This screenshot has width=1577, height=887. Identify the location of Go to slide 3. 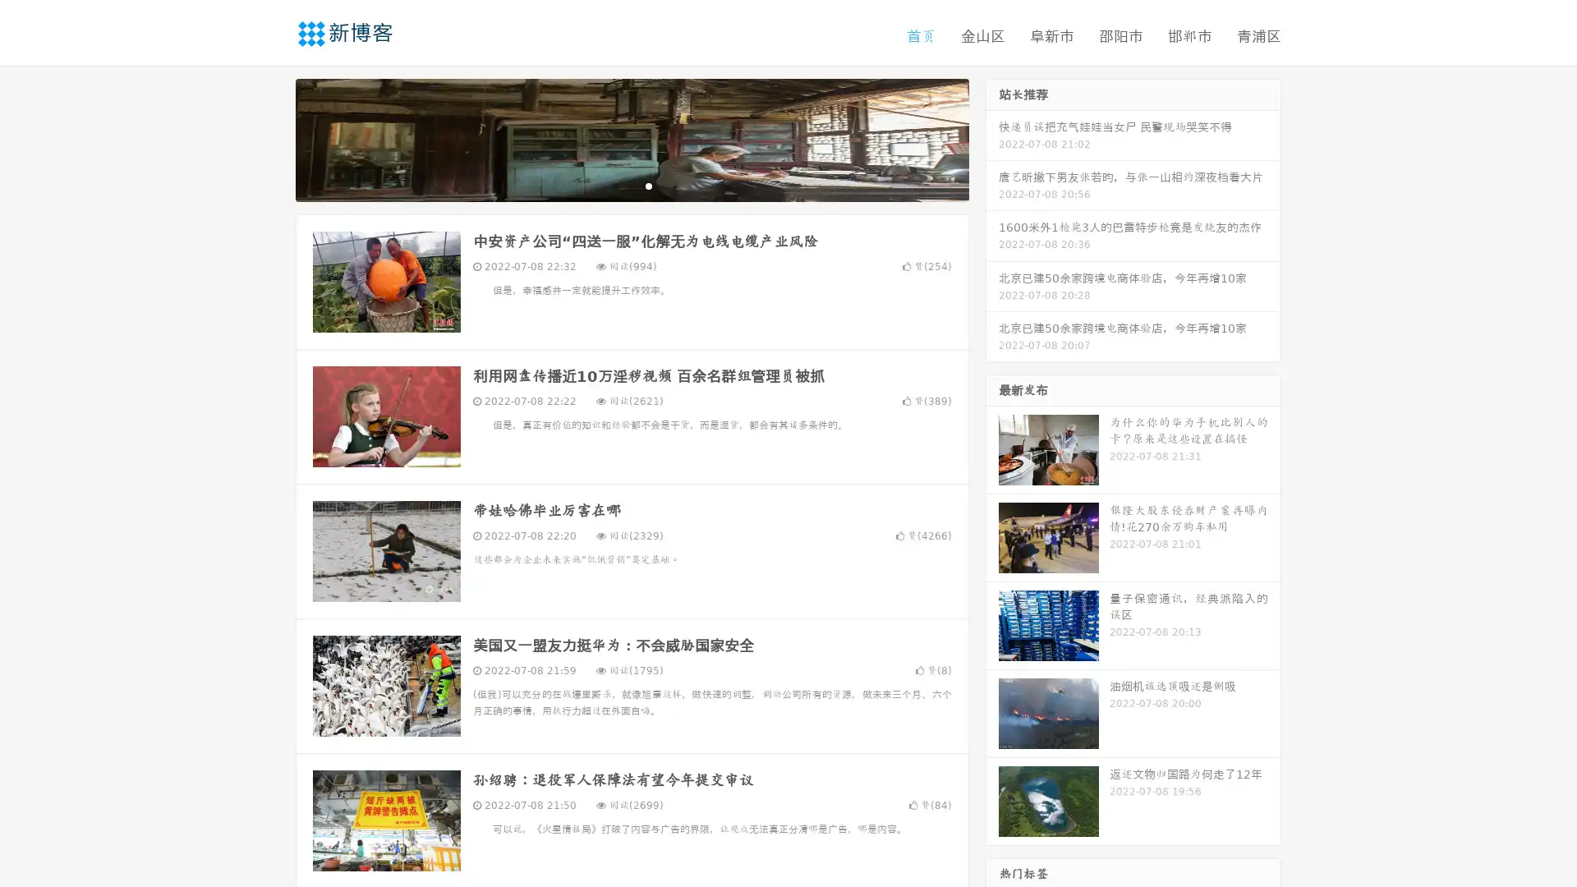
(648, 185).